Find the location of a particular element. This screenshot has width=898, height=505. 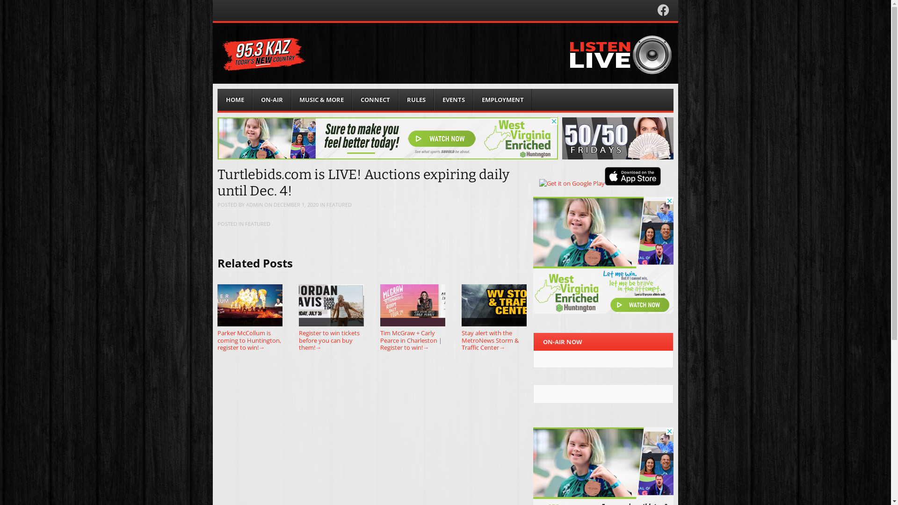

'ADMIN' is located at coordinates (254, 204).